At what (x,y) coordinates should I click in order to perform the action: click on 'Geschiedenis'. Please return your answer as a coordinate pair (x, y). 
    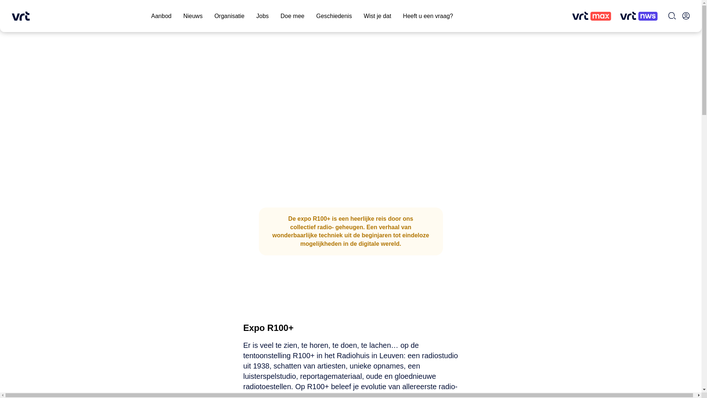
    Looking at the image, I should click on (316, 16).